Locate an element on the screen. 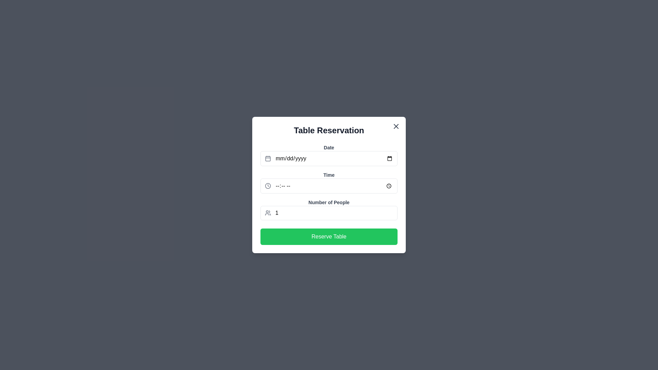 Image resolution: width=658 pixels, height=370 pixels. the user icon located at the left side of the input field labeled 'Number of People' is located at coordinates (268, 212).